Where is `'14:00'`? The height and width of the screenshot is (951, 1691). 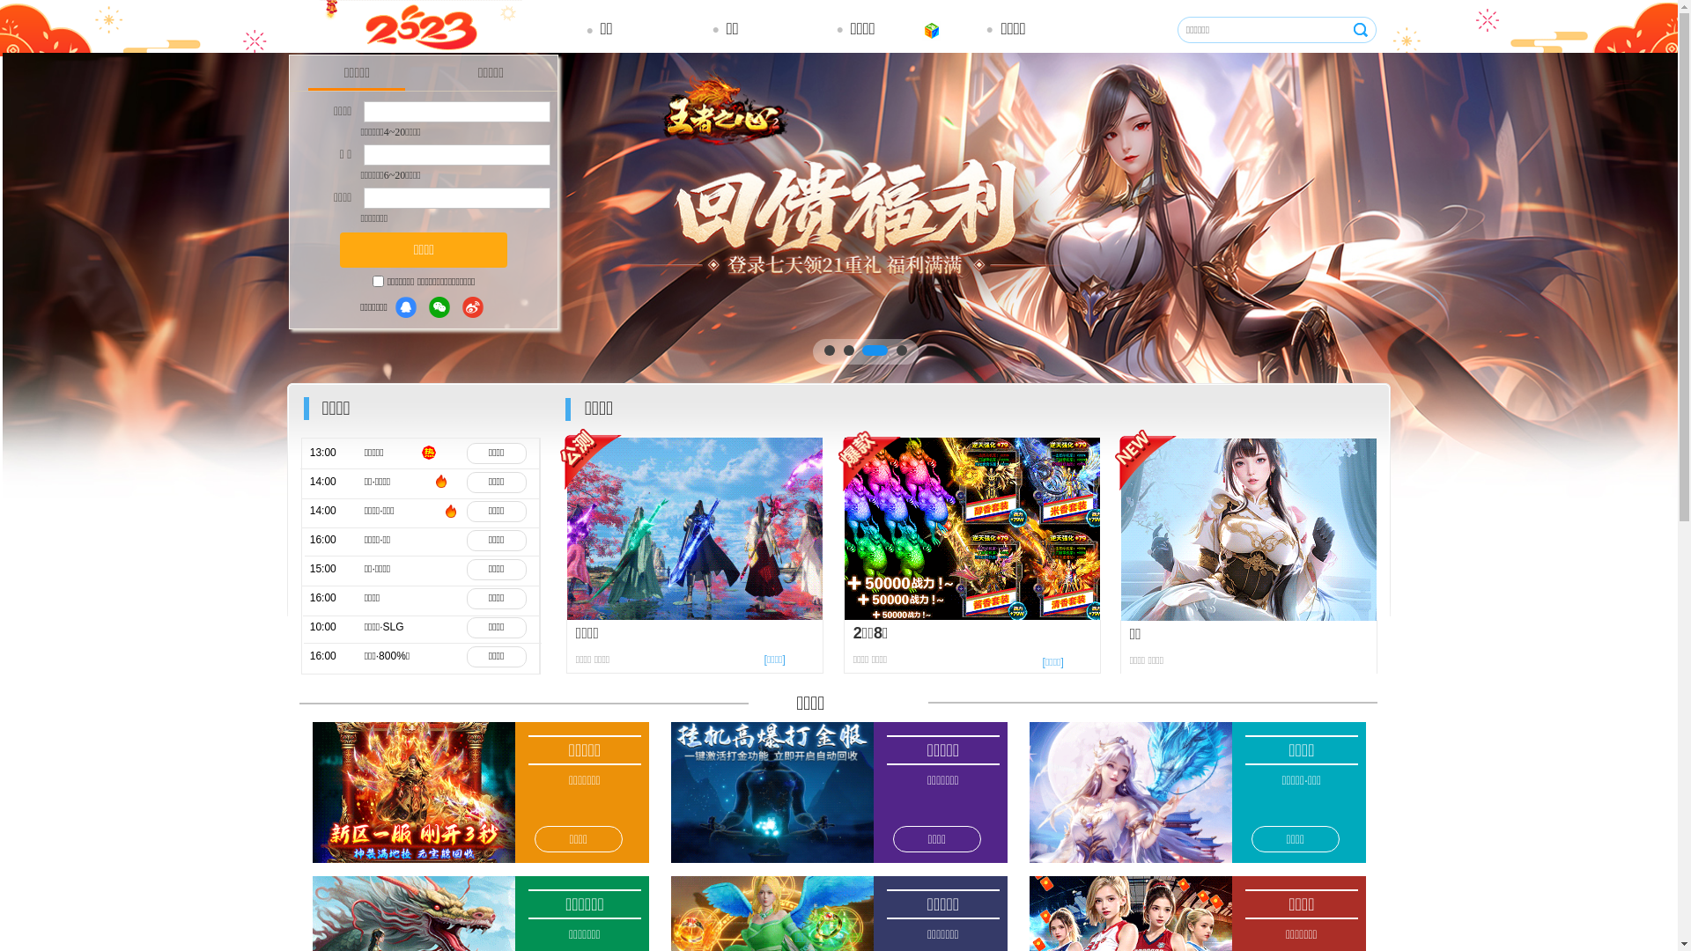
'14:00' is located at coordinates (335, 511).